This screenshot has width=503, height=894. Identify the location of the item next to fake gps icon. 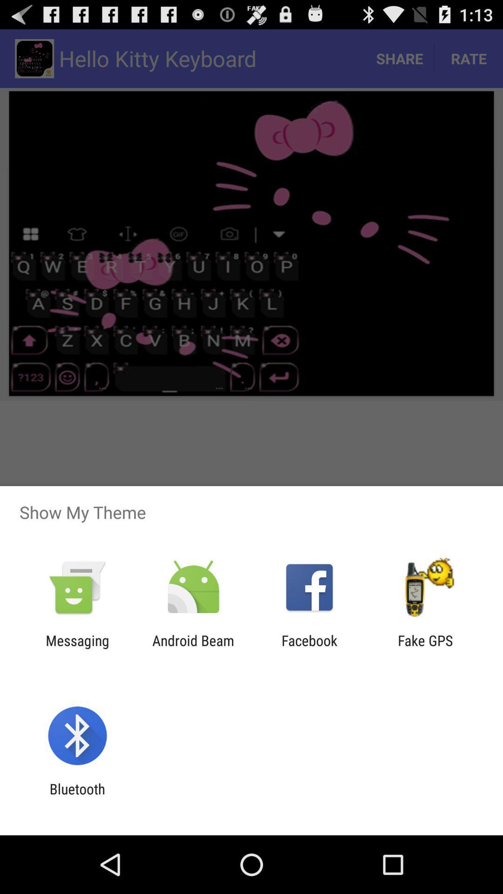
(309, 648).